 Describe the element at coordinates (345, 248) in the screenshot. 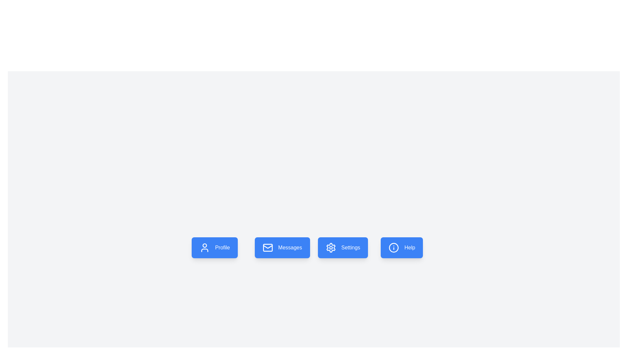

I see `the 'Settings' button, which is the third button in a horizontal row of four, to trigger its hover state` at that location.